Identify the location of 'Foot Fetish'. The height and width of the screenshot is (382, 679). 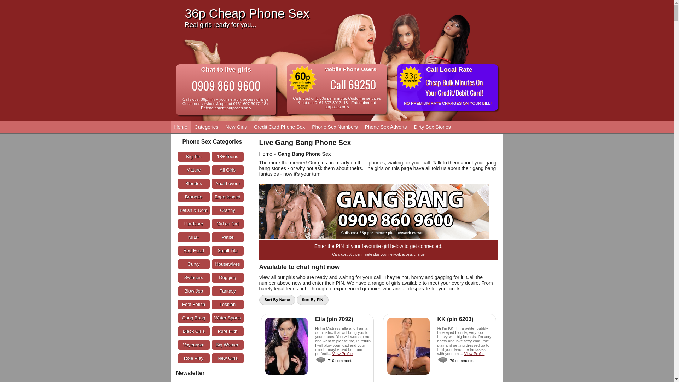
(178, 304).